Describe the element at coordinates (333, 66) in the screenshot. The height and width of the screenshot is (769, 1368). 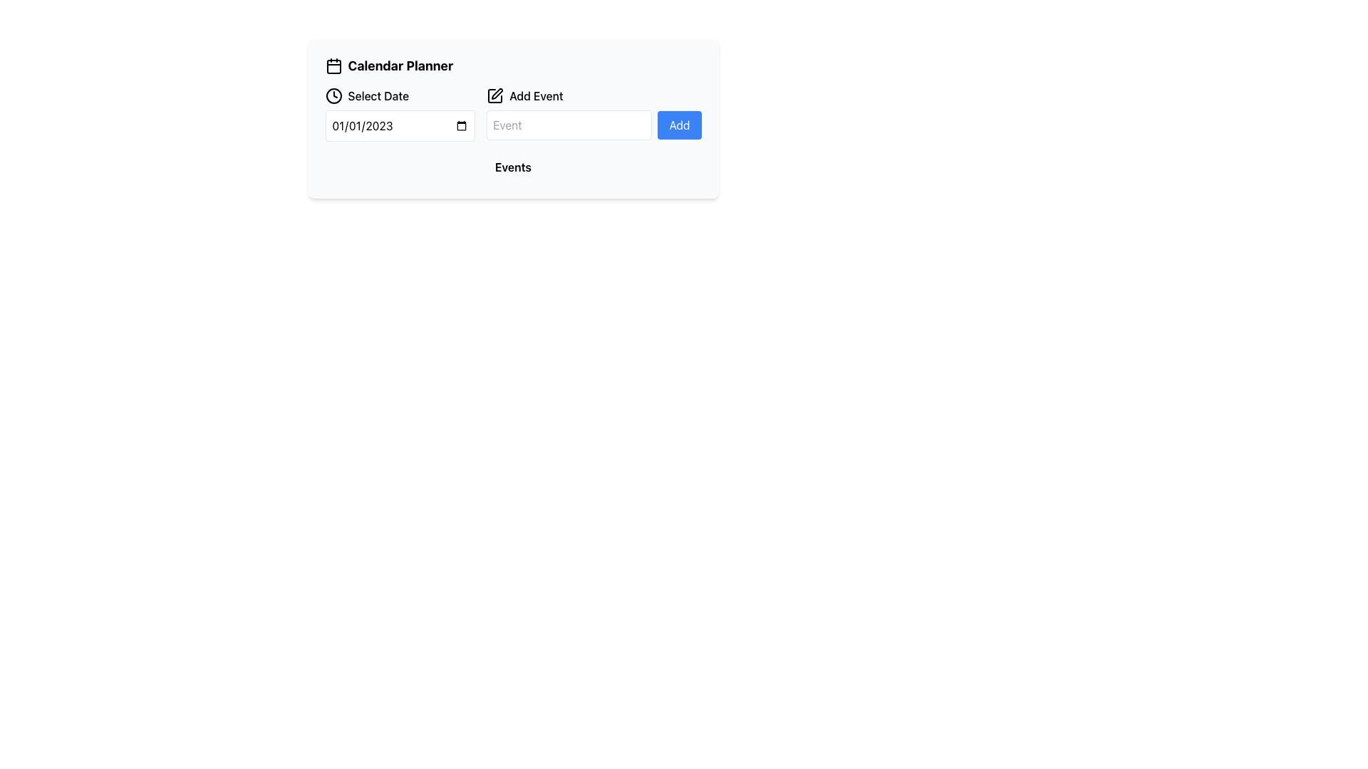
I see `the SVG calendar icon located to the left of the 'Calendar Planner' title at the top left of the component` at that location.